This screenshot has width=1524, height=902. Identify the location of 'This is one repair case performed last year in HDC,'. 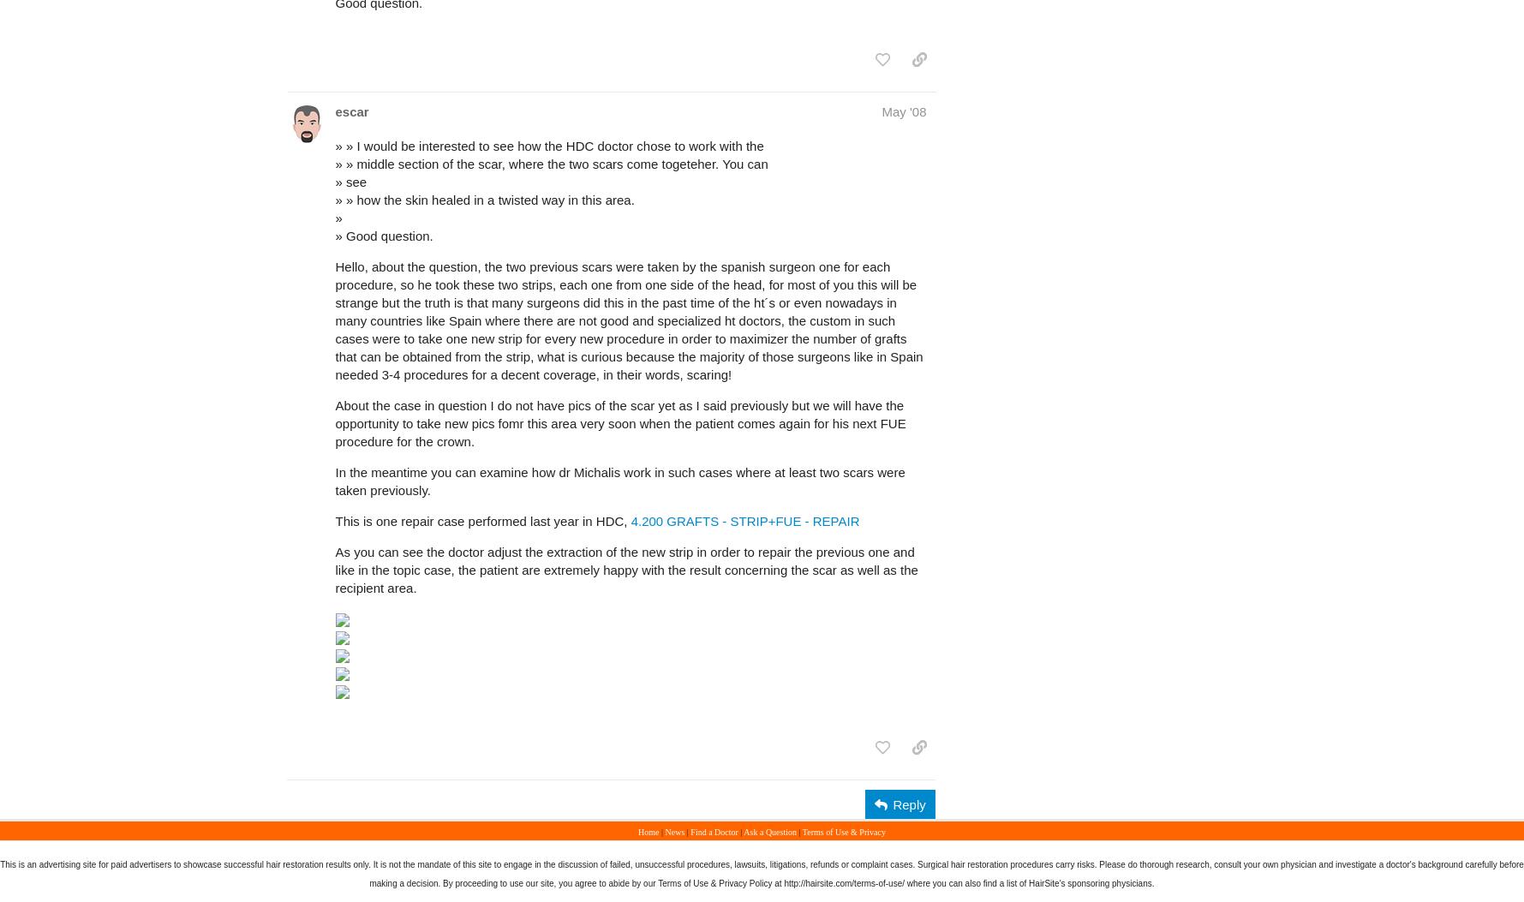
(482, 521).